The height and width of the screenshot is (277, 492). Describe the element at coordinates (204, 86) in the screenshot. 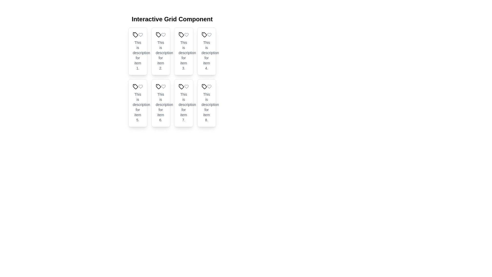

I see `the decorative icon located in the bottom right corner of the 'Interactive Grid Component', which is part of the last card associated with 'This is description for item 8.'` at that location.